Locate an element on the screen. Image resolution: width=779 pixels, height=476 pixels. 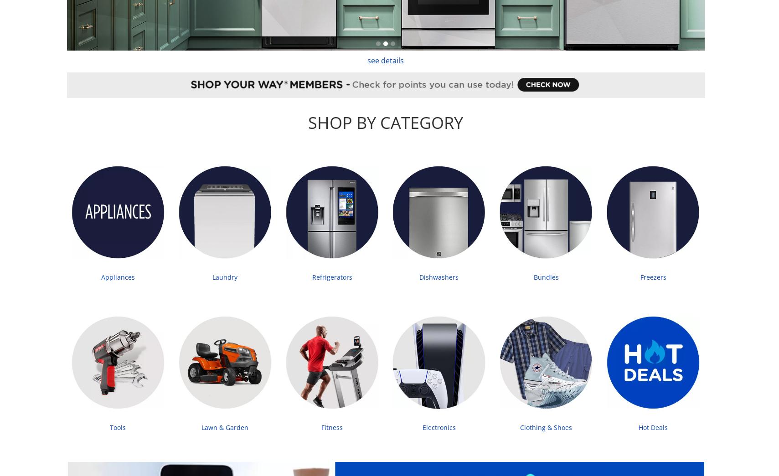
'Do not Sell or Share My Personal Information' is located at coordinates (544, 327).